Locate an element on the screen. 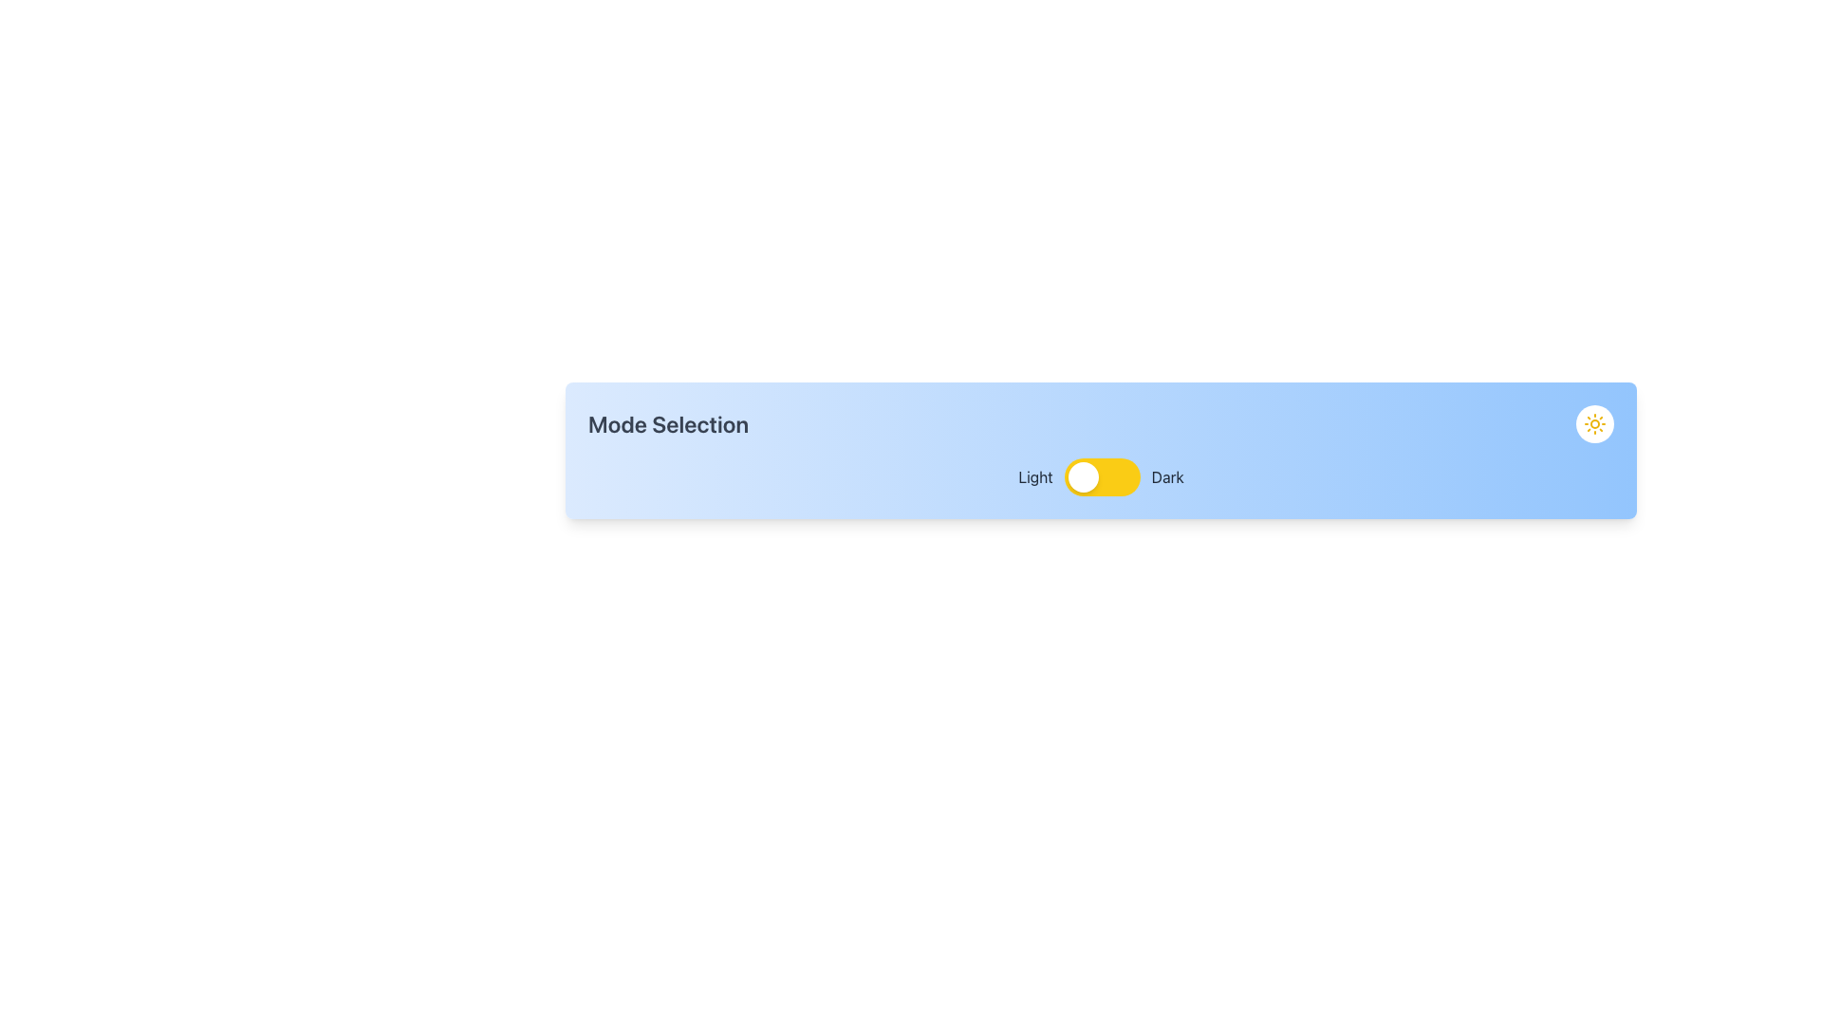 The height and width of the screenshot is (1025, 1822). the text label reading 'Light' which is situated on the left side of a toggle switch, indicating the mode selection is located at coordinates (1034, 475).